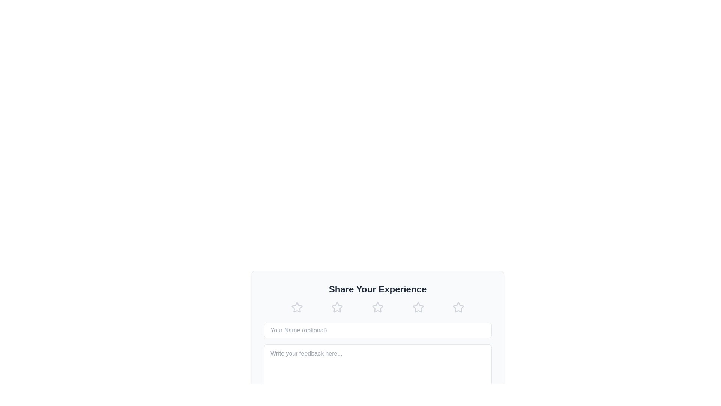 The height and width of the screenshot is (406, 721). What do you see at coordinates (296, 307) in the screenshot?
I see `the first Rating Star icon located below the 'Share Your Experience' heading` at bounding box center [296, 307].